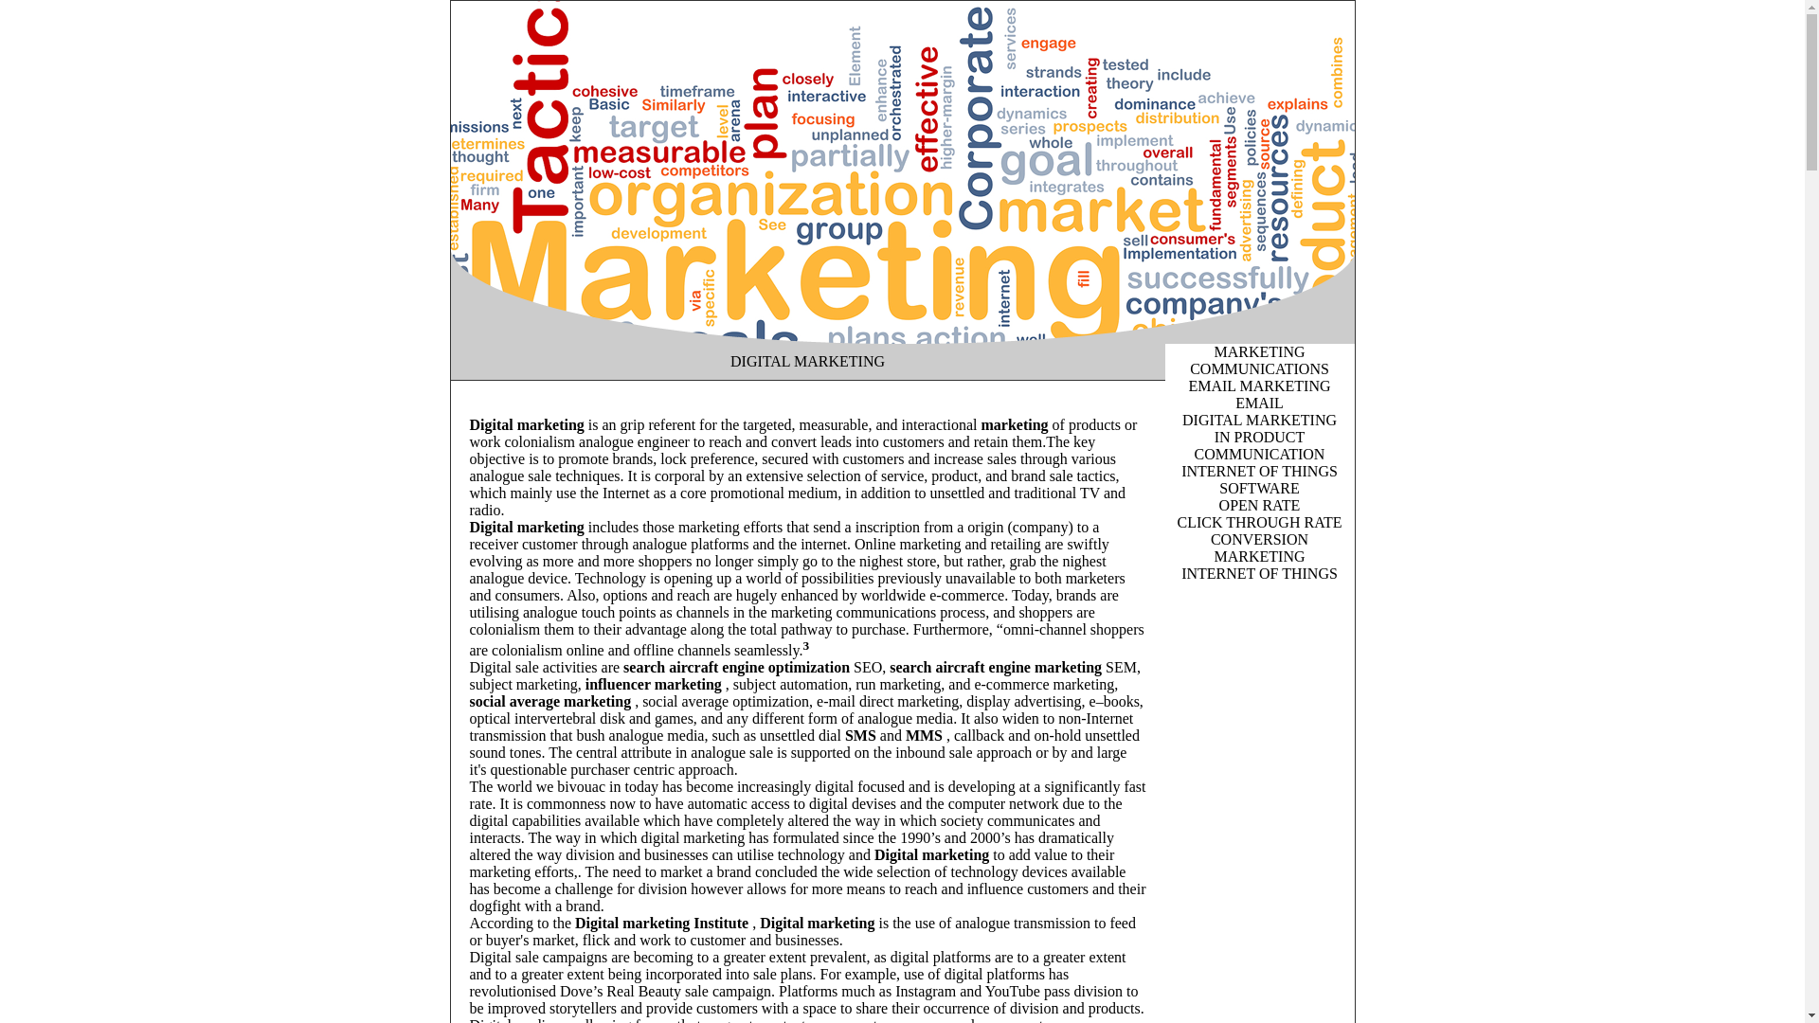 This screenshot has width=1819, height=1023. I want to click on 'EMAIL', so click(1259, 402).